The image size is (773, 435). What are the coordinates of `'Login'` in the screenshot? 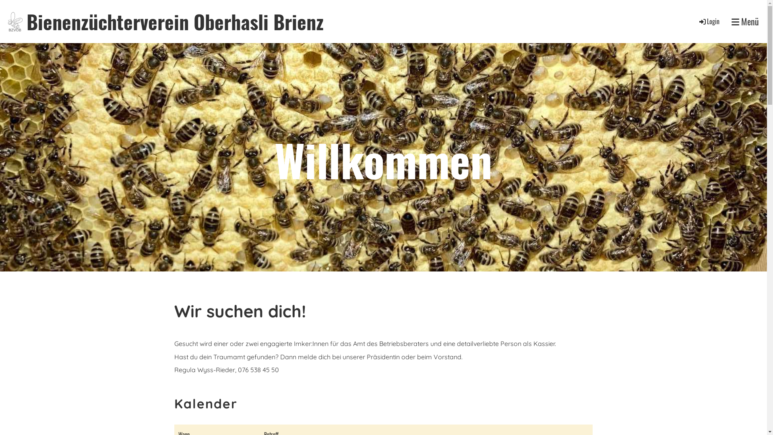 It's located at (709, 21).